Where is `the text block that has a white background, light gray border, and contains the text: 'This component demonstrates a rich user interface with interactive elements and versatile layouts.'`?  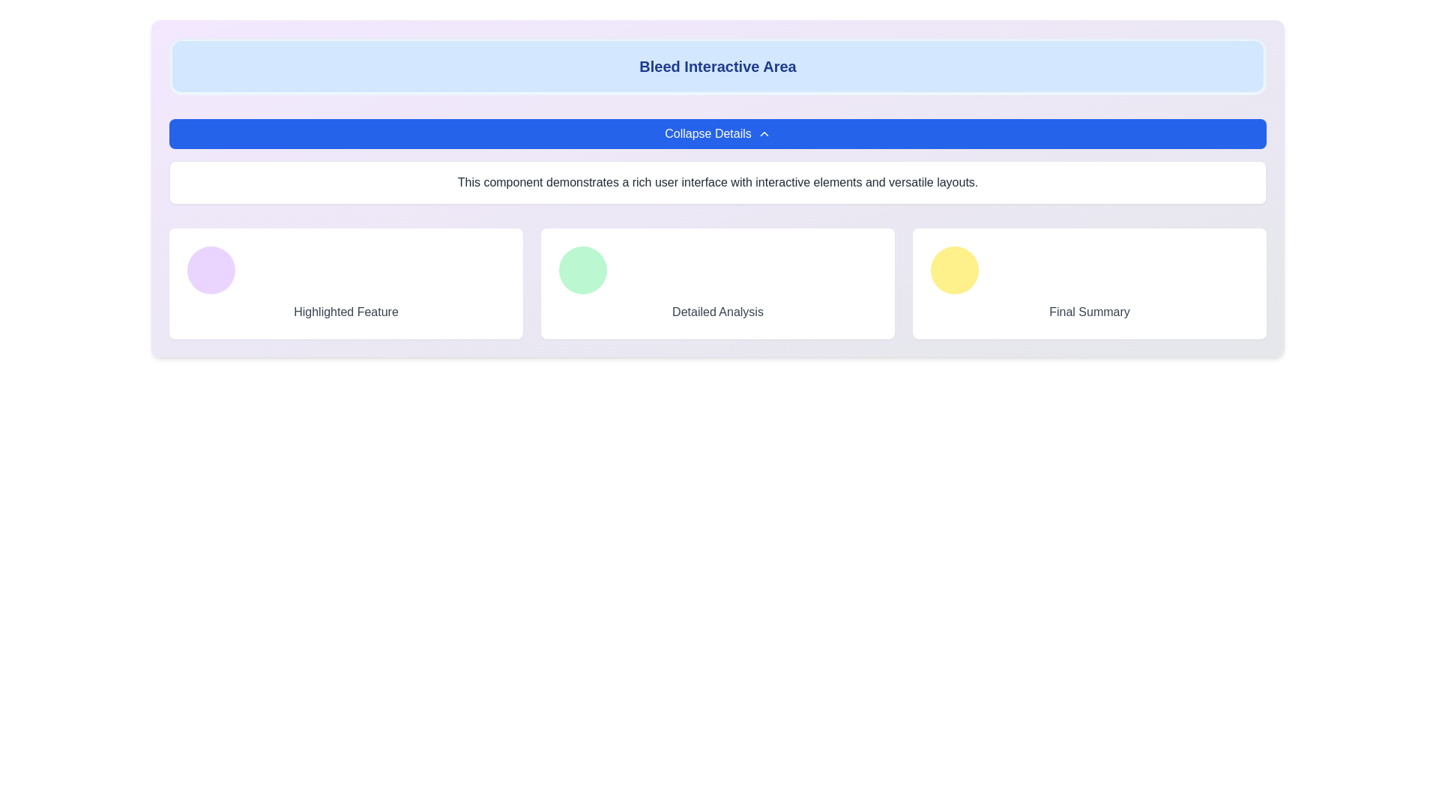 the text block that has a white background, light gray border, and contains the text: 'This component demonstrates a rich user interface with interactive elements and versatile layouts.' is located at coordinates (717, 181).